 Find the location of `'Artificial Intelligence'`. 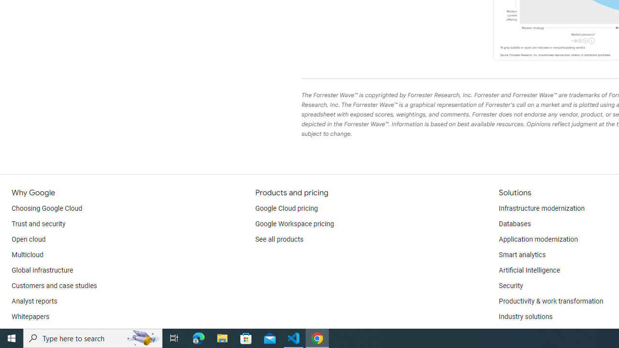

'Artificial Intelligence' is located at coordinates (529, 271).